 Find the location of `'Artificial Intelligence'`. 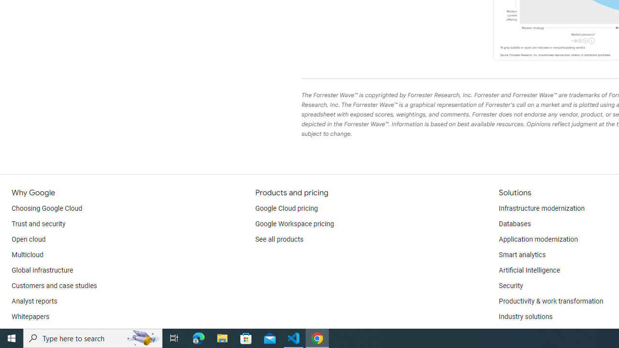

'Artificial Intelligence' is located at coordinates (529, 271).